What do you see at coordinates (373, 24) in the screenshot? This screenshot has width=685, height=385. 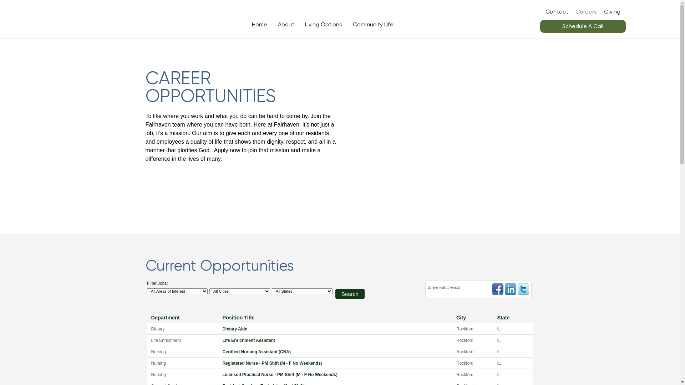 I see `'Community Life'` at bounding box center [373, 24].